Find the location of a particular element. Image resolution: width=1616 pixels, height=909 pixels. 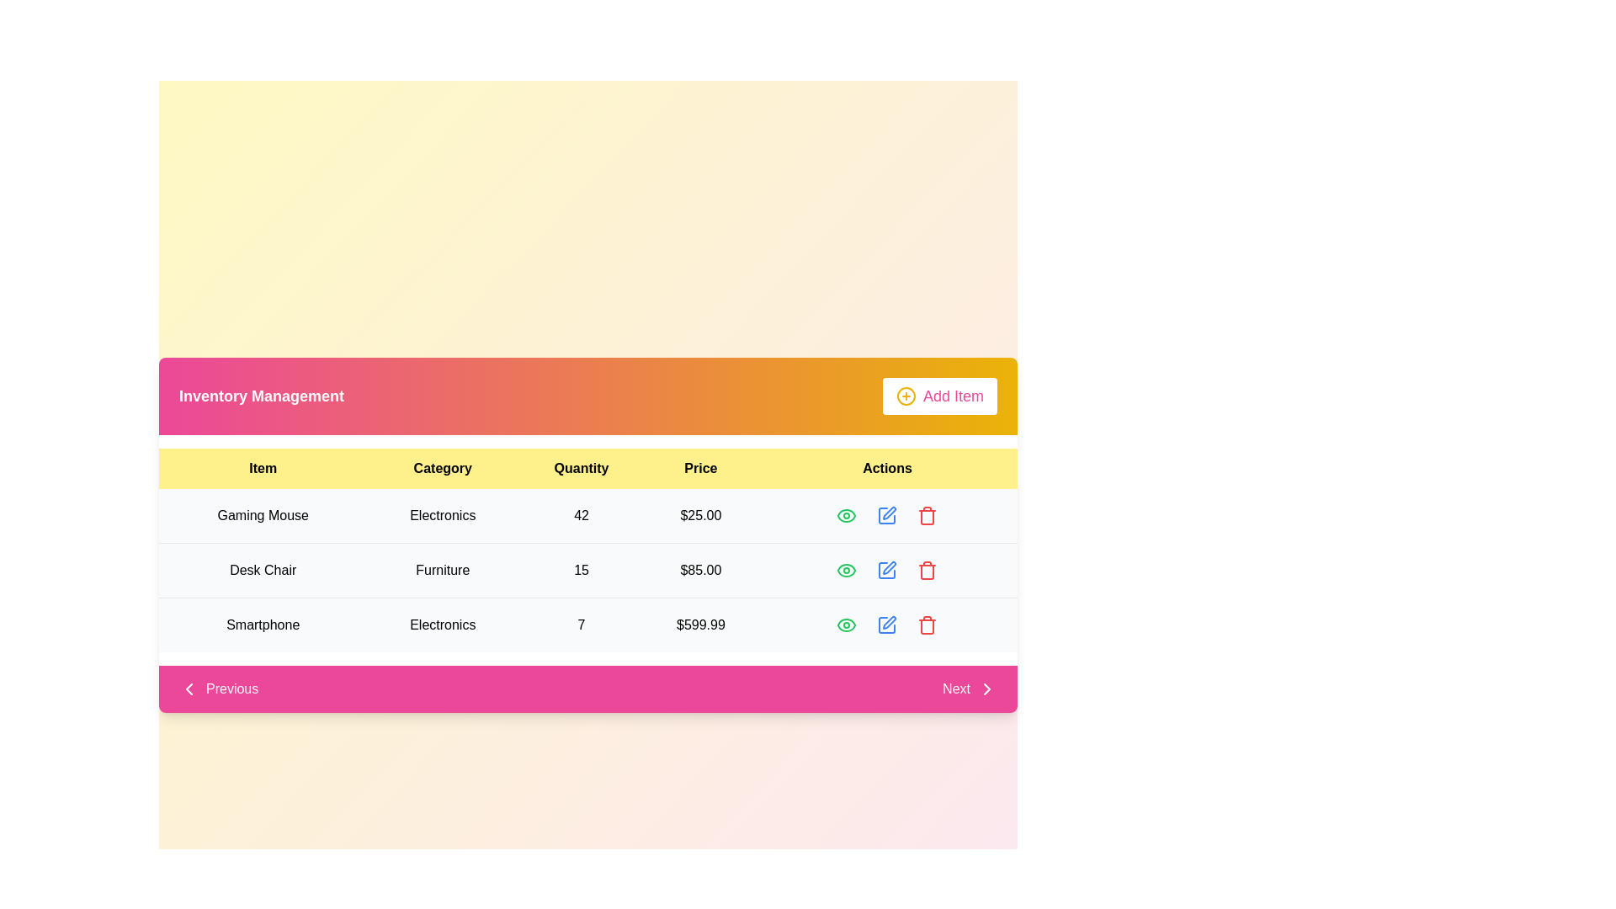

the small, upward-facing arrow-shaped icon located at the bottom-left corner of the interface, adjacent to the 'Previous' button is located at coordinates (189, 688).